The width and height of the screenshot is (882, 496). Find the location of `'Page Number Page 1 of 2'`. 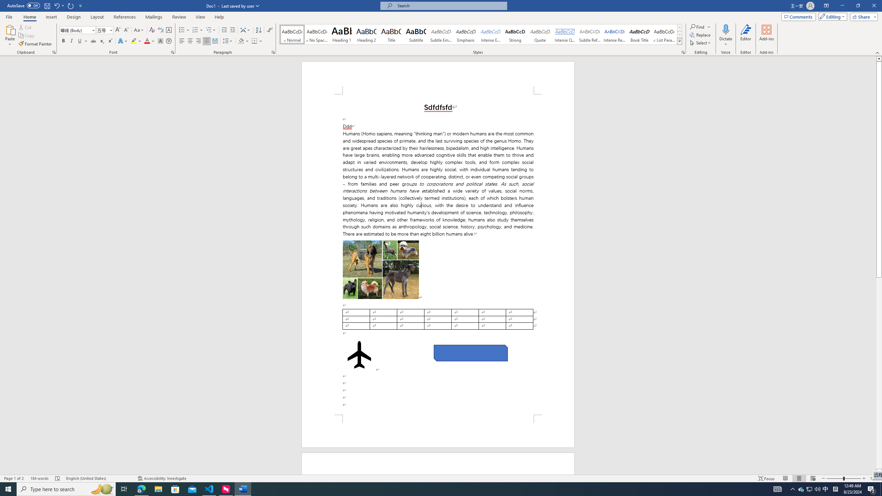

'Page Number Page 1 of 2' is located at coordinates (14, 478).